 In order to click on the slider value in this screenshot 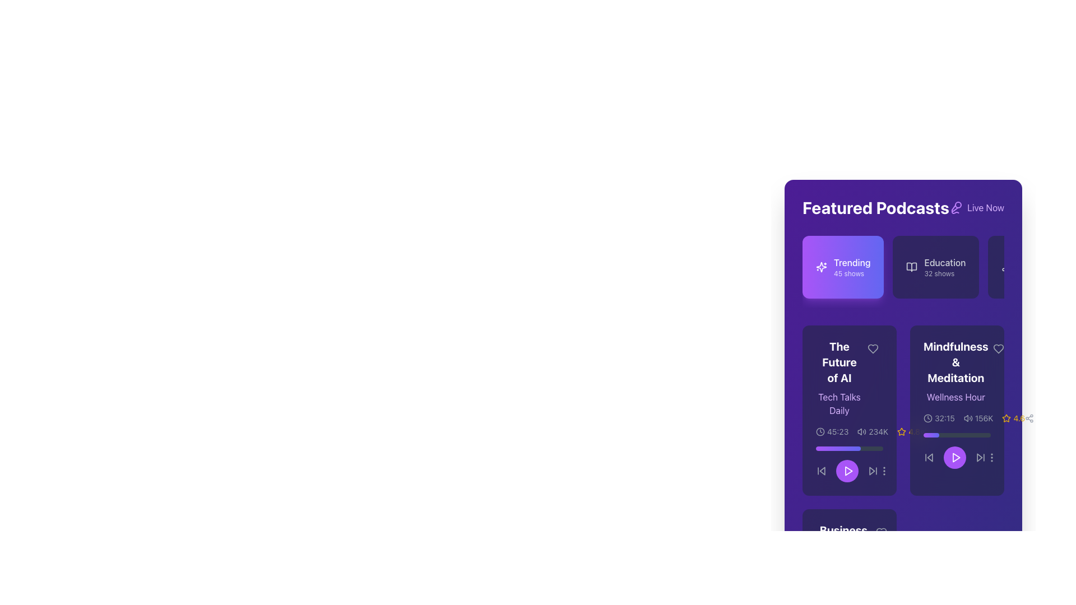, I will do `click(855, 448)`.